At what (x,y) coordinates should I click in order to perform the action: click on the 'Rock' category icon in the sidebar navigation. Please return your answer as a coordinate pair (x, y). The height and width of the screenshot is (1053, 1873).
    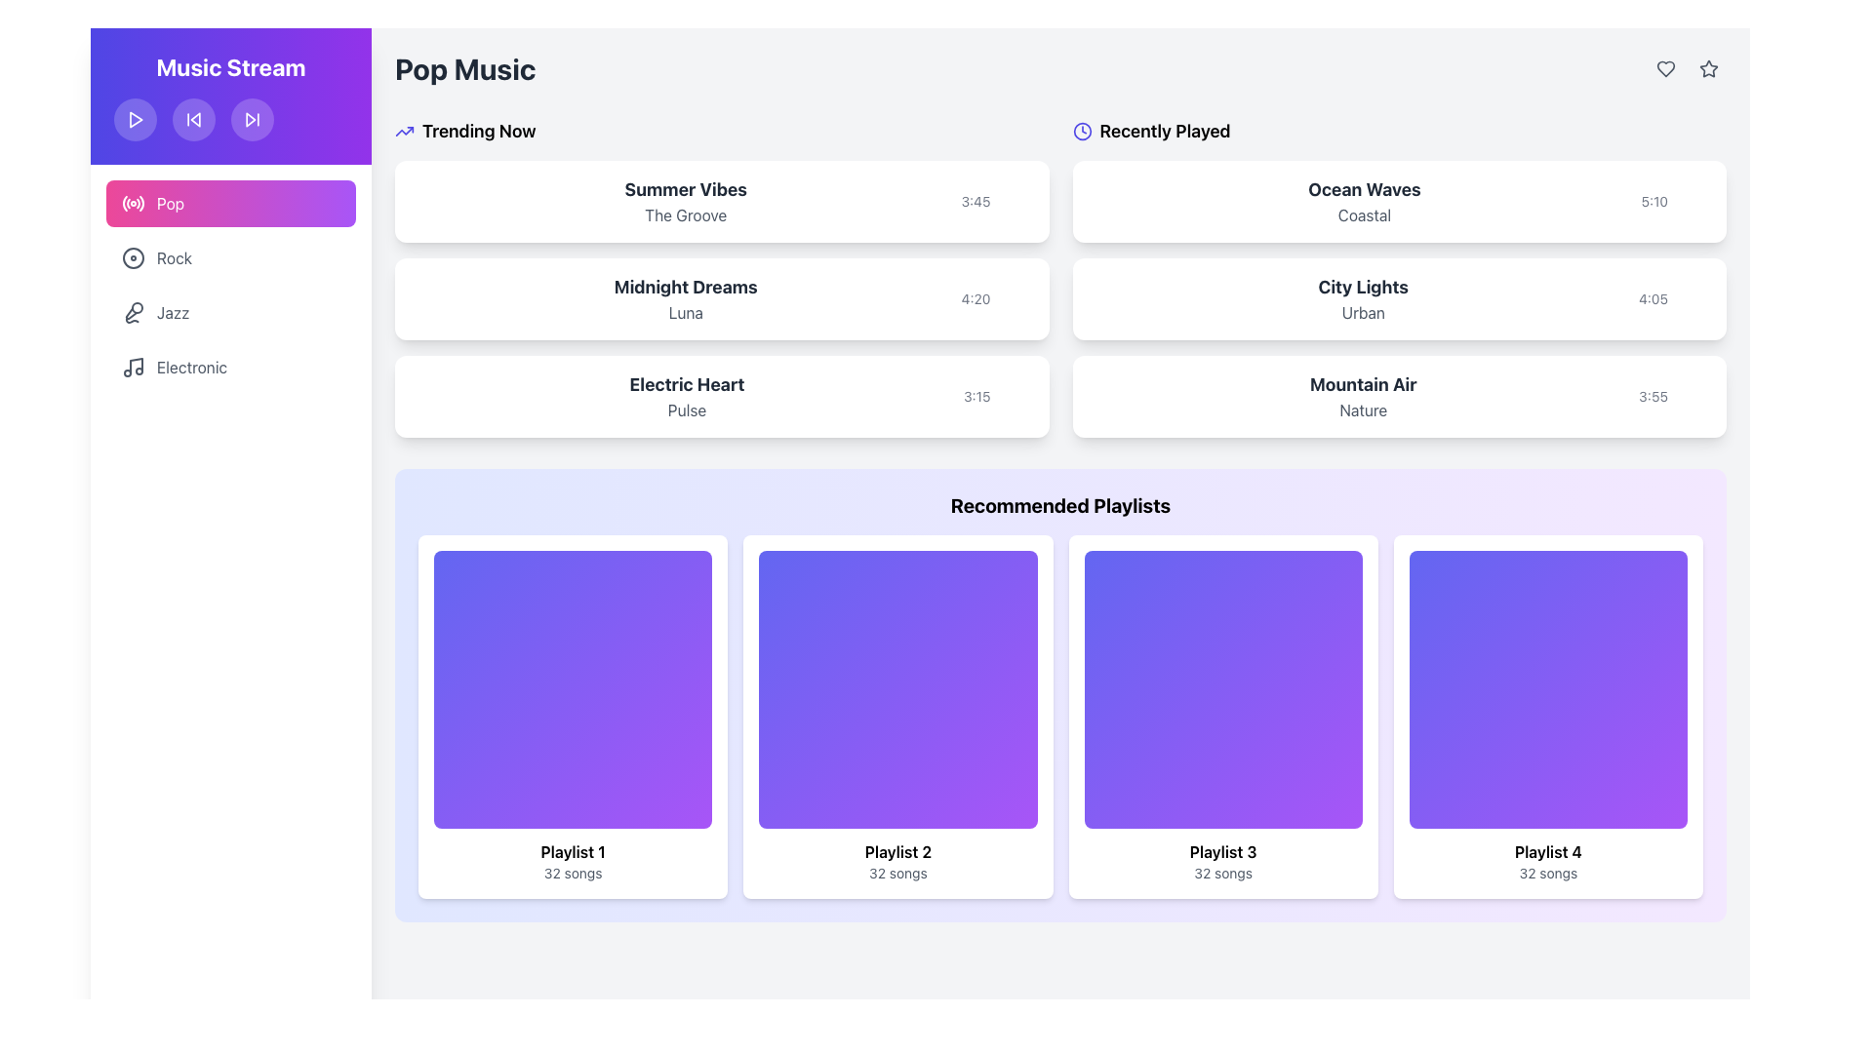
    Looking at the image, I should click on (133, 257).